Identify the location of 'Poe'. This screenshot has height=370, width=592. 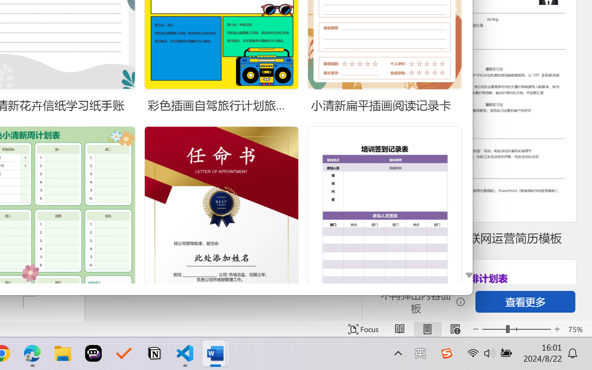
(93, 353).